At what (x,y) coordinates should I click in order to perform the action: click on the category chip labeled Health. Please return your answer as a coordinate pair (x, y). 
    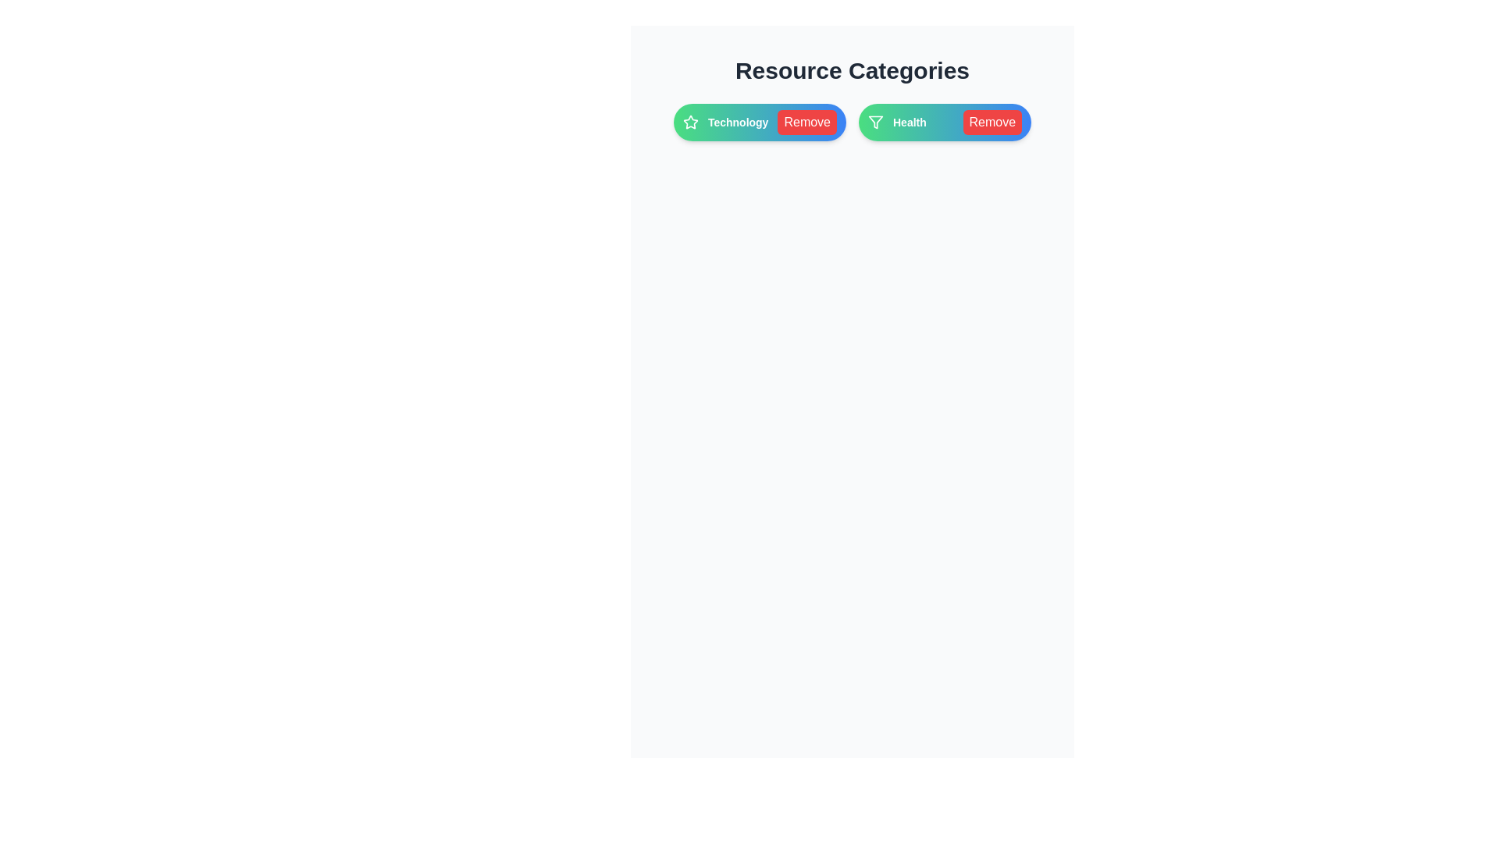
    Looking at the image, I should click on (944, 122).